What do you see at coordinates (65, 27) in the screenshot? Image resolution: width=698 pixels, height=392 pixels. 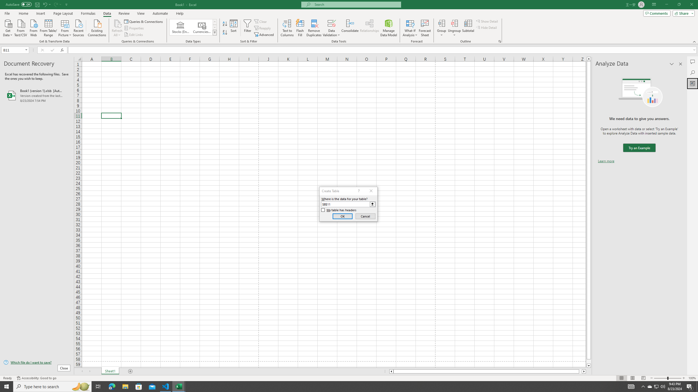 I see `'From Picture'` at bounding box center [65, 27].